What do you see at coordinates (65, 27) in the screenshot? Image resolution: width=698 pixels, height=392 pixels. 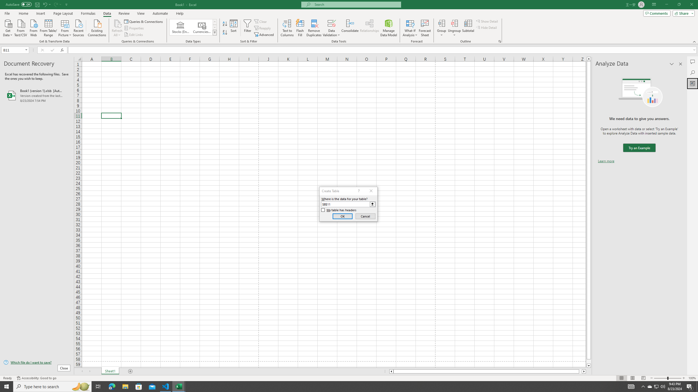 I see `'From Picture'` at bounding box center [65, 27].